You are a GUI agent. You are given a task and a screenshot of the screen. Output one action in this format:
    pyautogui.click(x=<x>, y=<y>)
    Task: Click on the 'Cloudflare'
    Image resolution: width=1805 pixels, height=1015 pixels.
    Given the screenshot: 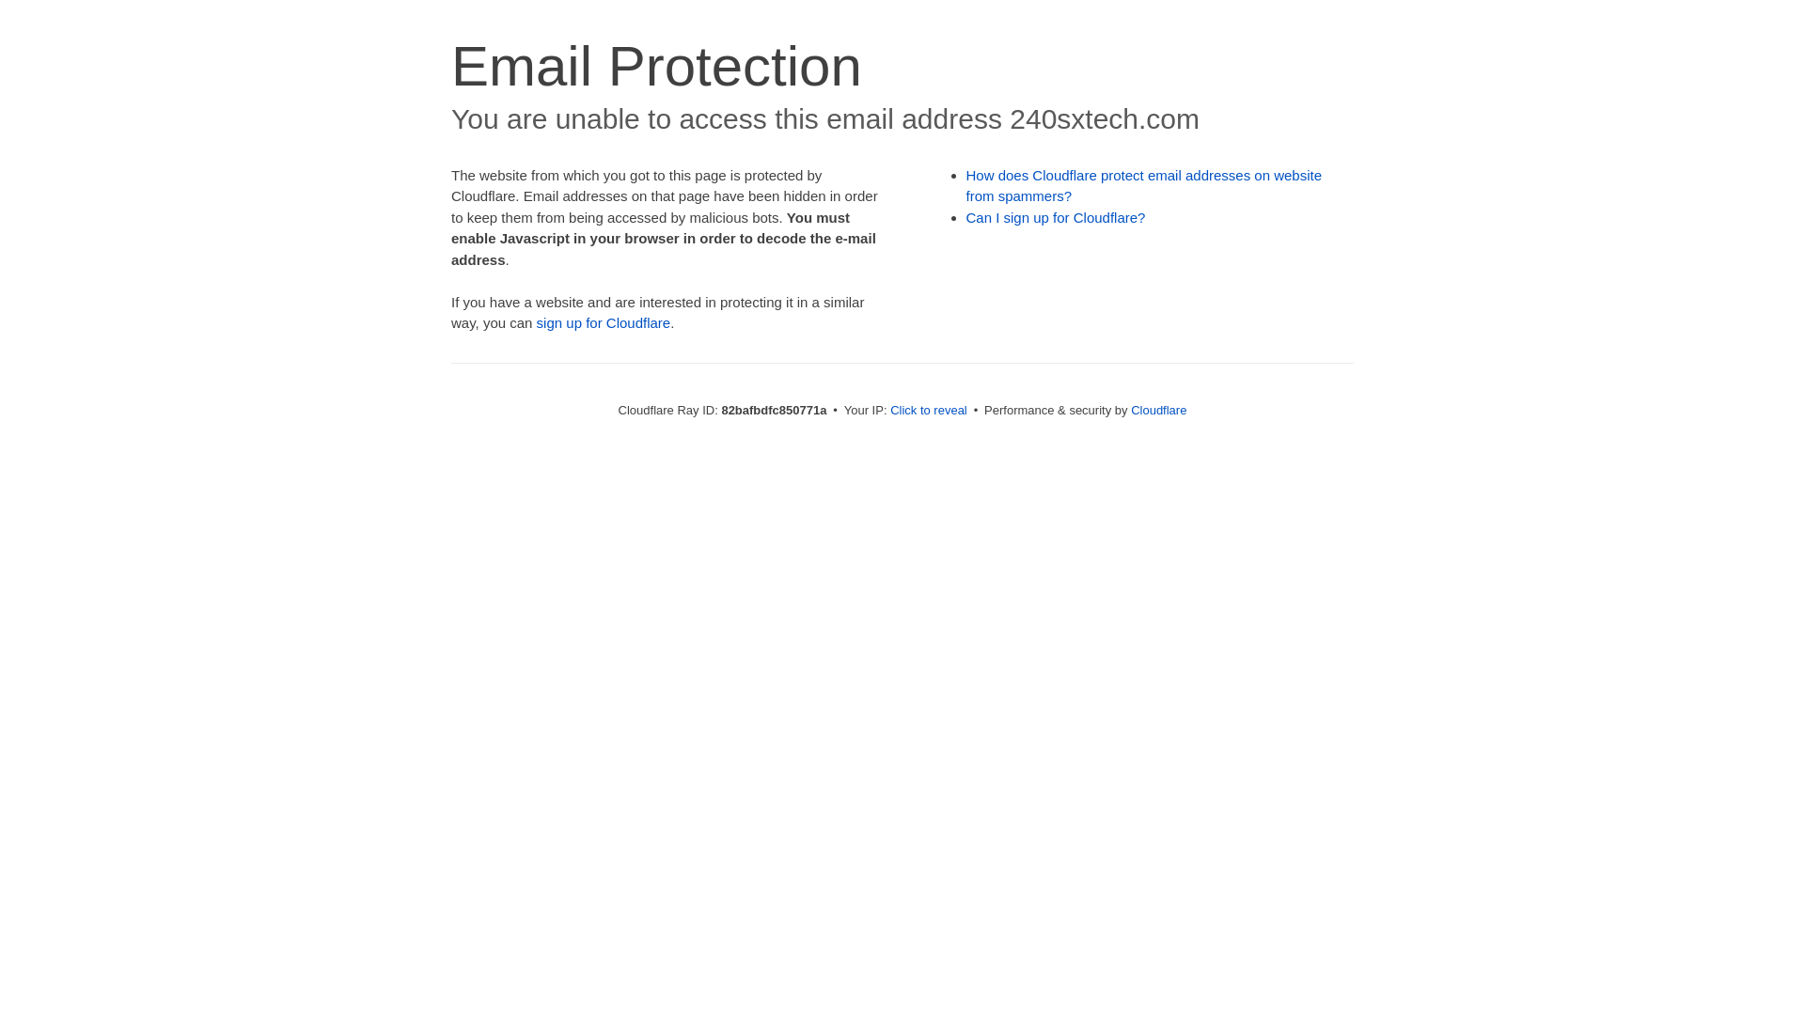 What is the action you would take?
    pyautogui.click(x=1130, y=409)
    